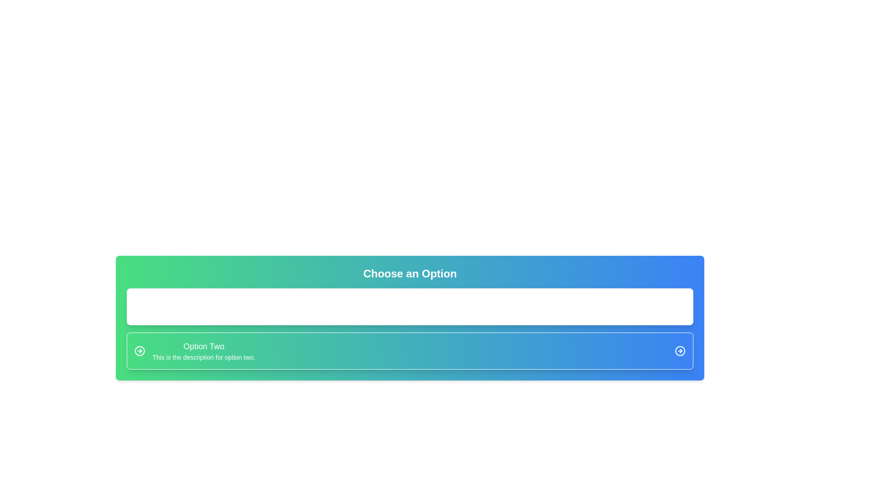 Image resolution: width=869 pixels, height=488 pixels. Describe the element at coordinates (203, 357) in the screenshot. I see `supplementary information provided by the text label located below 'Option Two' in the second card of the option list` at that location.